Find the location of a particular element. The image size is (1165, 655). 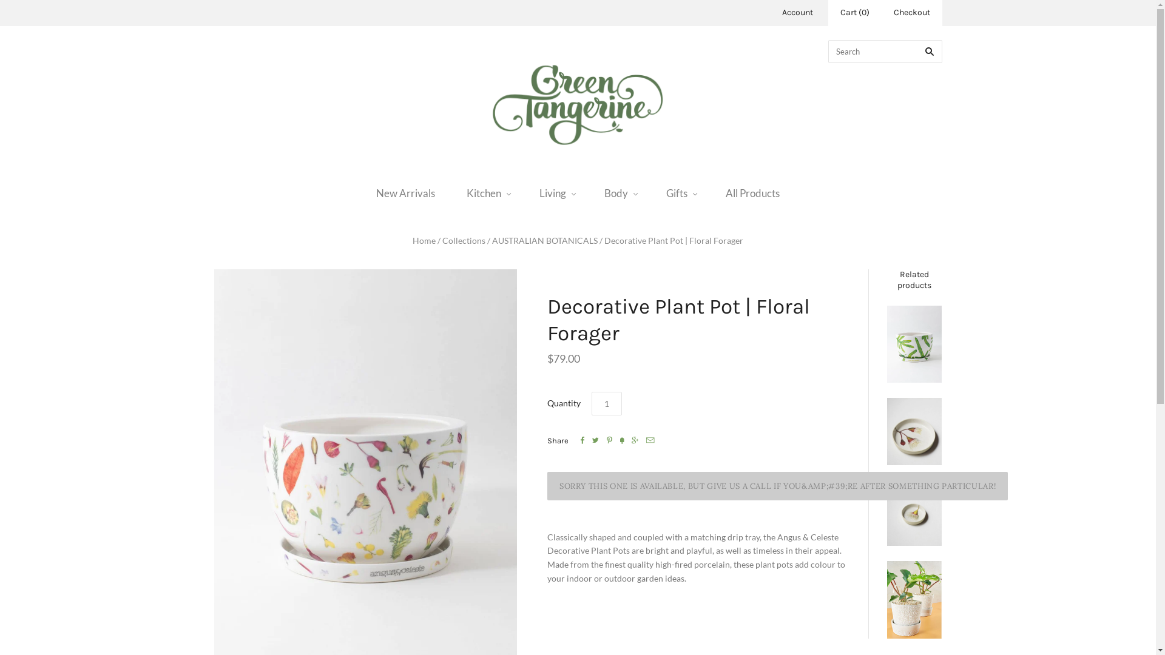

'Home' is located at coordinates (413, 240).